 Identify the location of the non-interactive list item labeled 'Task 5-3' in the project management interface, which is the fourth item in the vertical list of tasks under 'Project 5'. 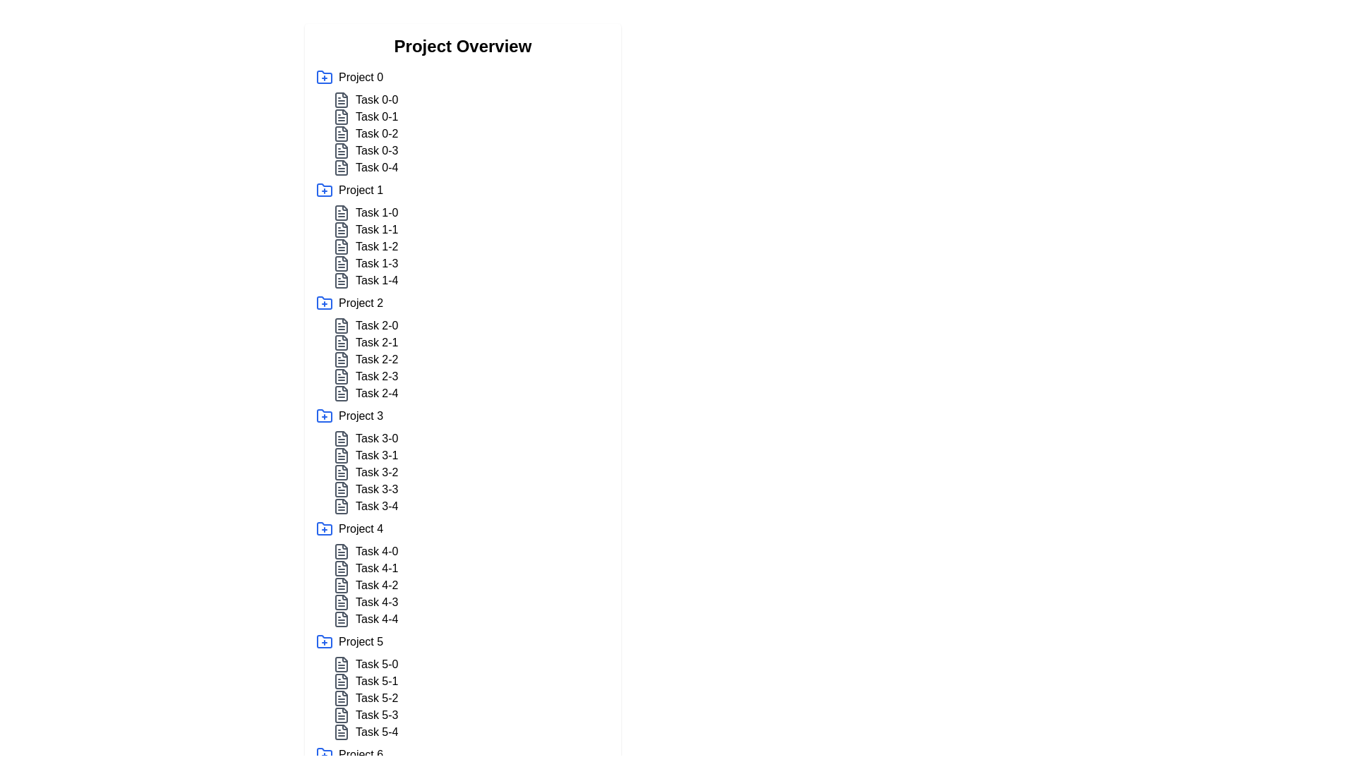
(471, 715).